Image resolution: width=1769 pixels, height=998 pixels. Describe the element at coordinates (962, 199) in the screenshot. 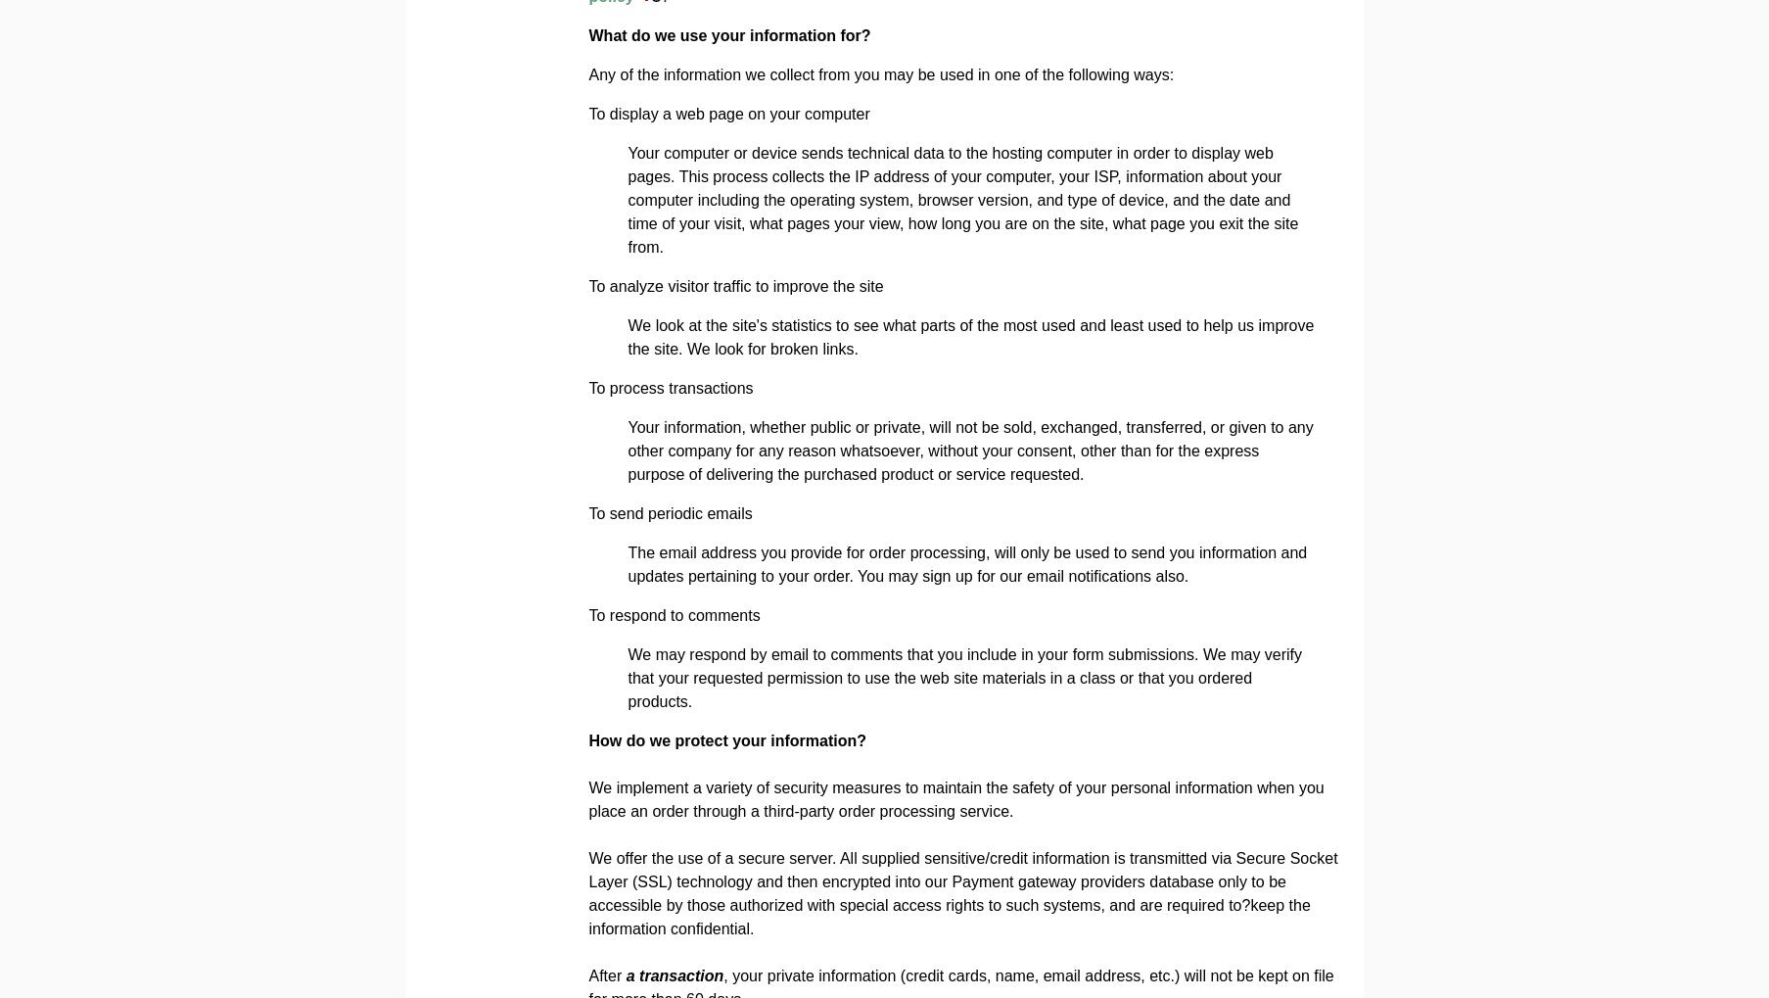

I see `'Your computer or device sends technical data to the hosting computer in order to display web pages. This process collects the IP address of your computer, your ISP, information about your computer including the operating system, browser version, and type of device, and the date and time of your visit,  what pages your view, how long you are on the site, what page you exit the site from.'` at that location.